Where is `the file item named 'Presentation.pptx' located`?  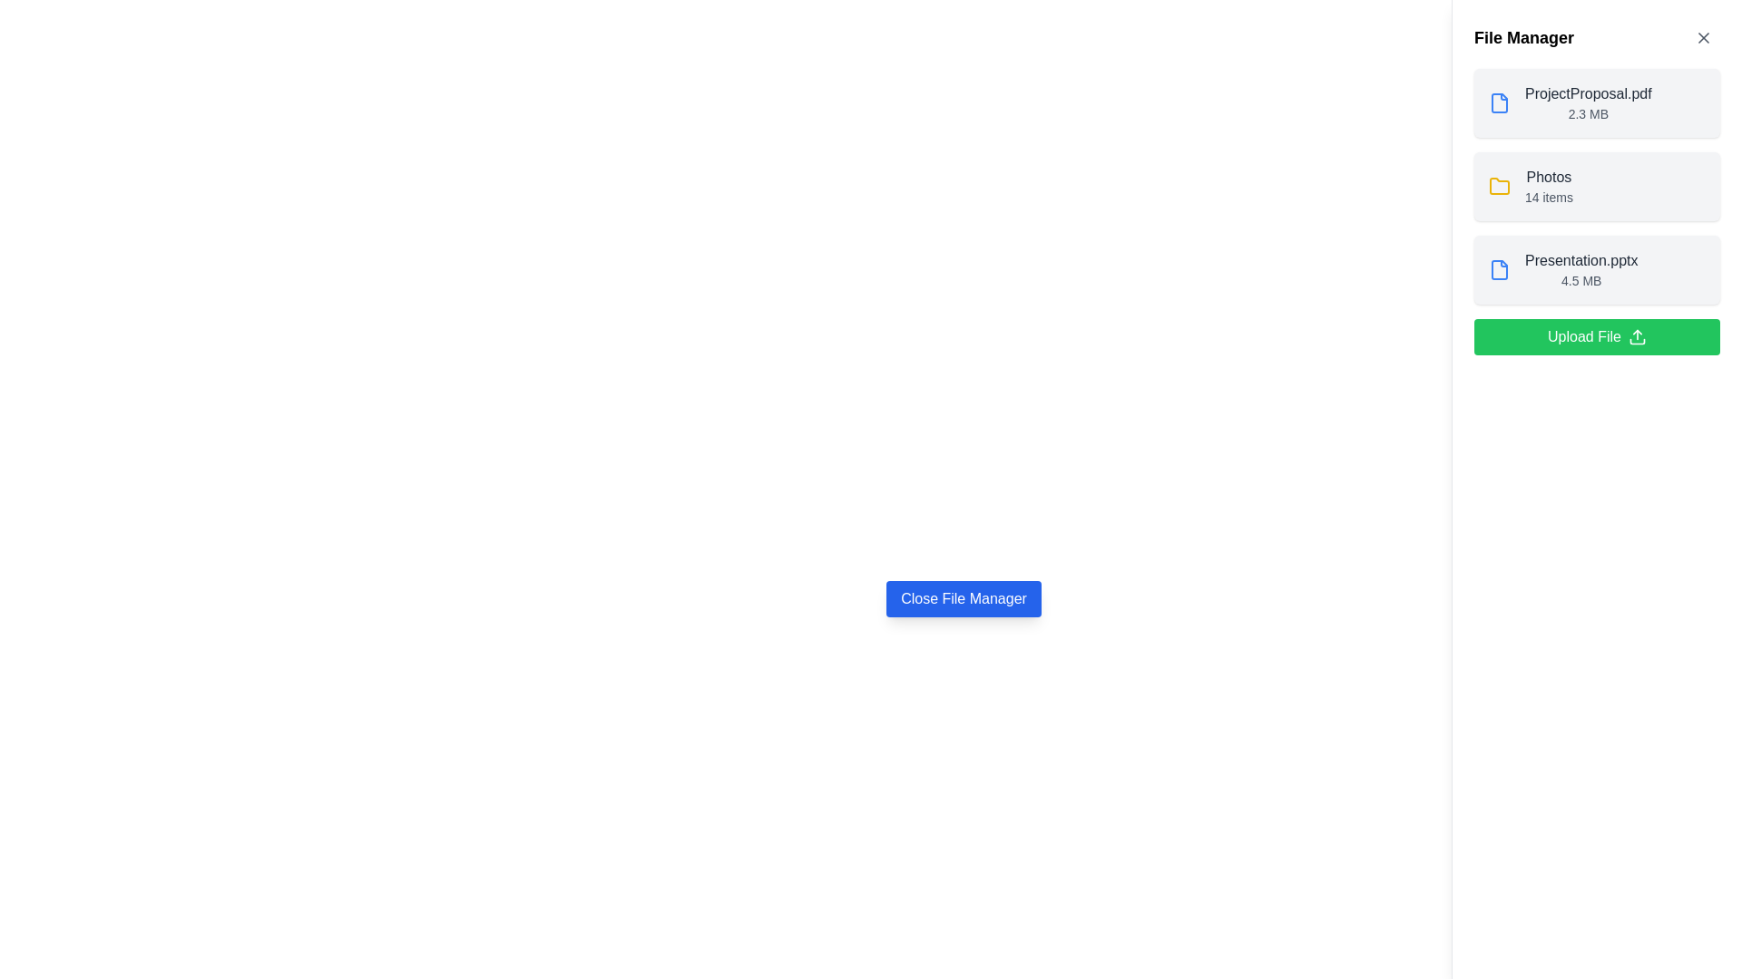
the file item named 'Presentation.pptx' located is located at coordinates (1581, 269).